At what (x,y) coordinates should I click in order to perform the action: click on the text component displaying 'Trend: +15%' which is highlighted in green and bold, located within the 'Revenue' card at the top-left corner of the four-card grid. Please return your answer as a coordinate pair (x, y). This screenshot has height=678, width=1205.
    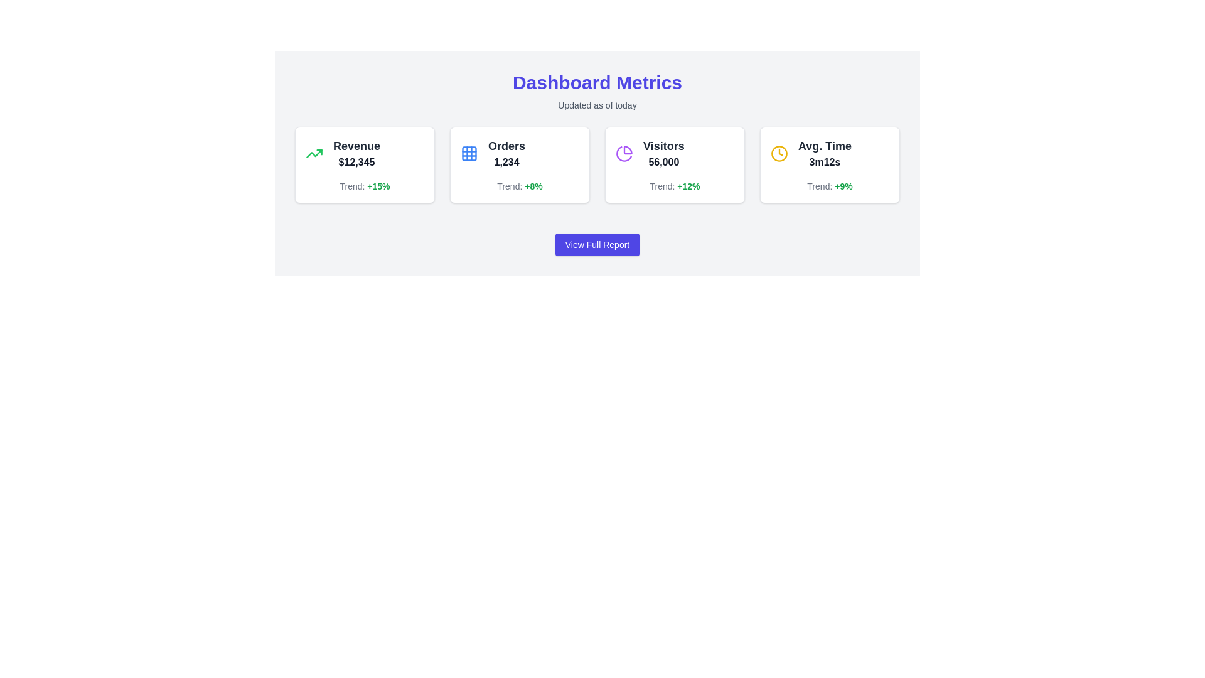
    Looking at the image, I should click on (364, 186).